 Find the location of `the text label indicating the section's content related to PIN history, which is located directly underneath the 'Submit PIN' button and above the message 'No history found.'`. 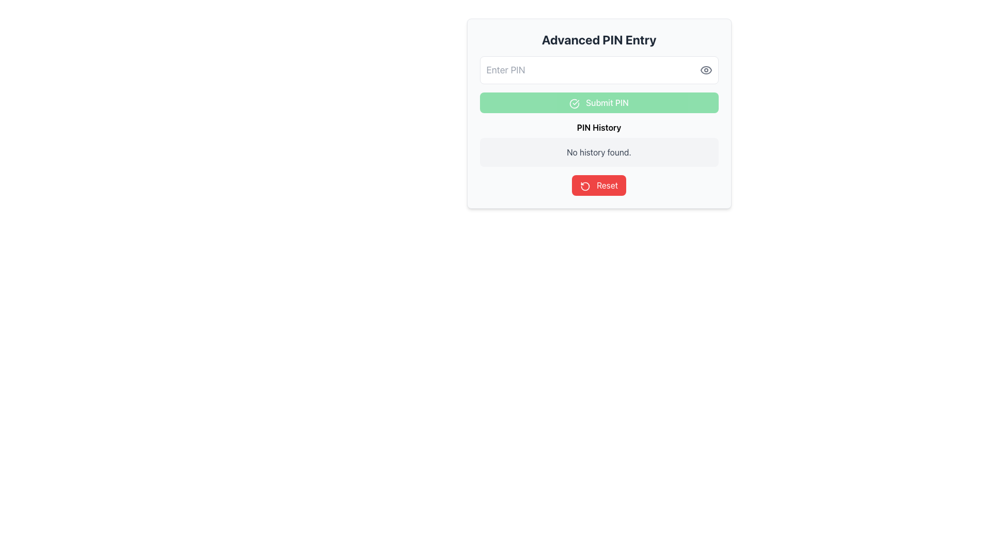

the text label indicating the section's content related to PIN history, which is located directly underneath the 'Submit PIN' button and above the message 'No history found.' is located at coordinates (599, 127).